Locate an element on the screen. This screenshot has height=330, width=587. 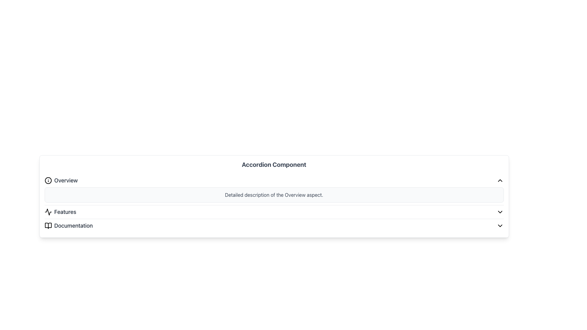
the text label displaying 'Features' in a medium, gray font is located at coordinates (65, 212).